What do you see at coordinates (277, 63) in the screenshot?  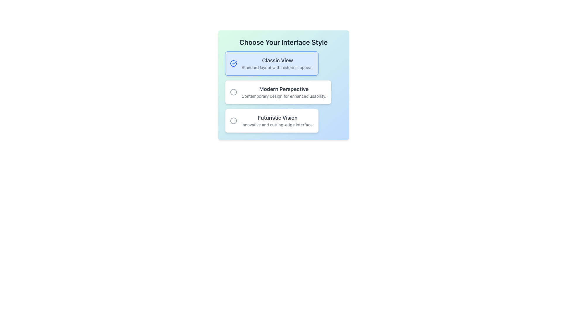 I see `the Text Block that describes the layout option titled 'Choose Your Interface Style'` at bounding box center [277, 63].